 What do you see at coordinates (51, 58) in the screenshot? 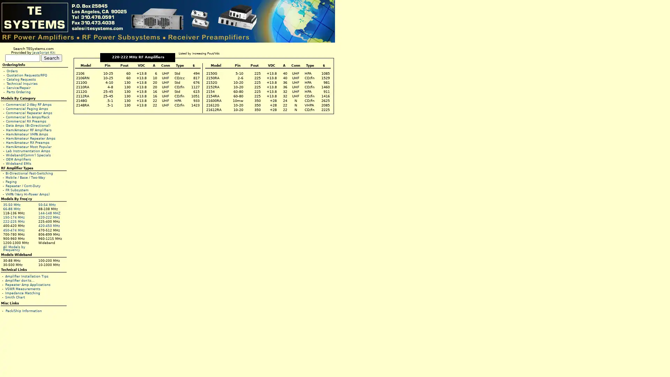
I see `Search` at bounding box center [51, 58].